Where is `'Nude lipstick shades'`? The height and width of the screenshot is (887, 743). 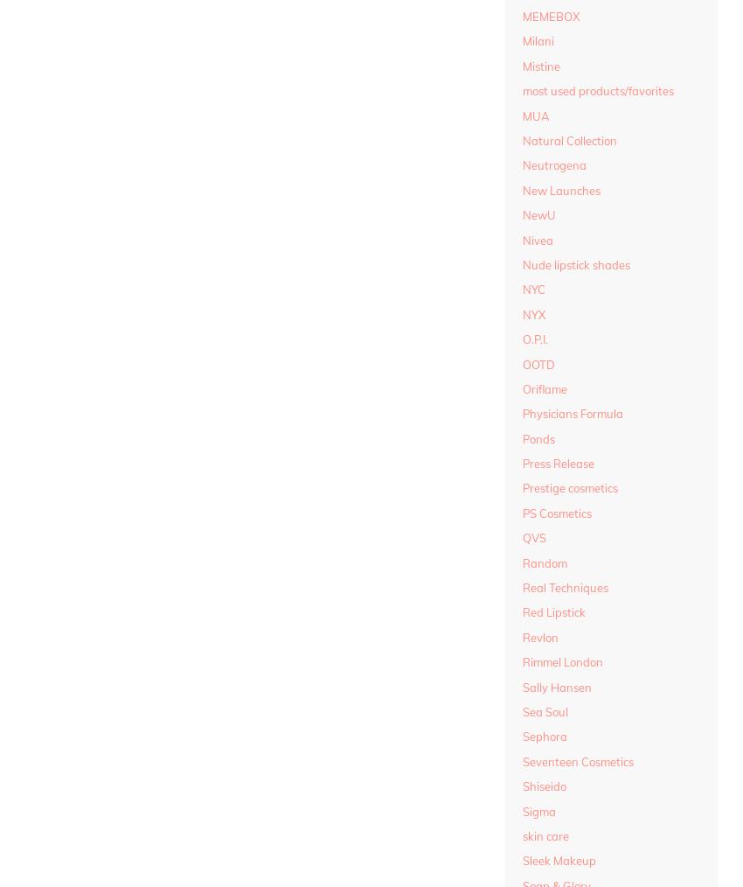
'Nude lipstick shades' is located at coordinates (576, 263).